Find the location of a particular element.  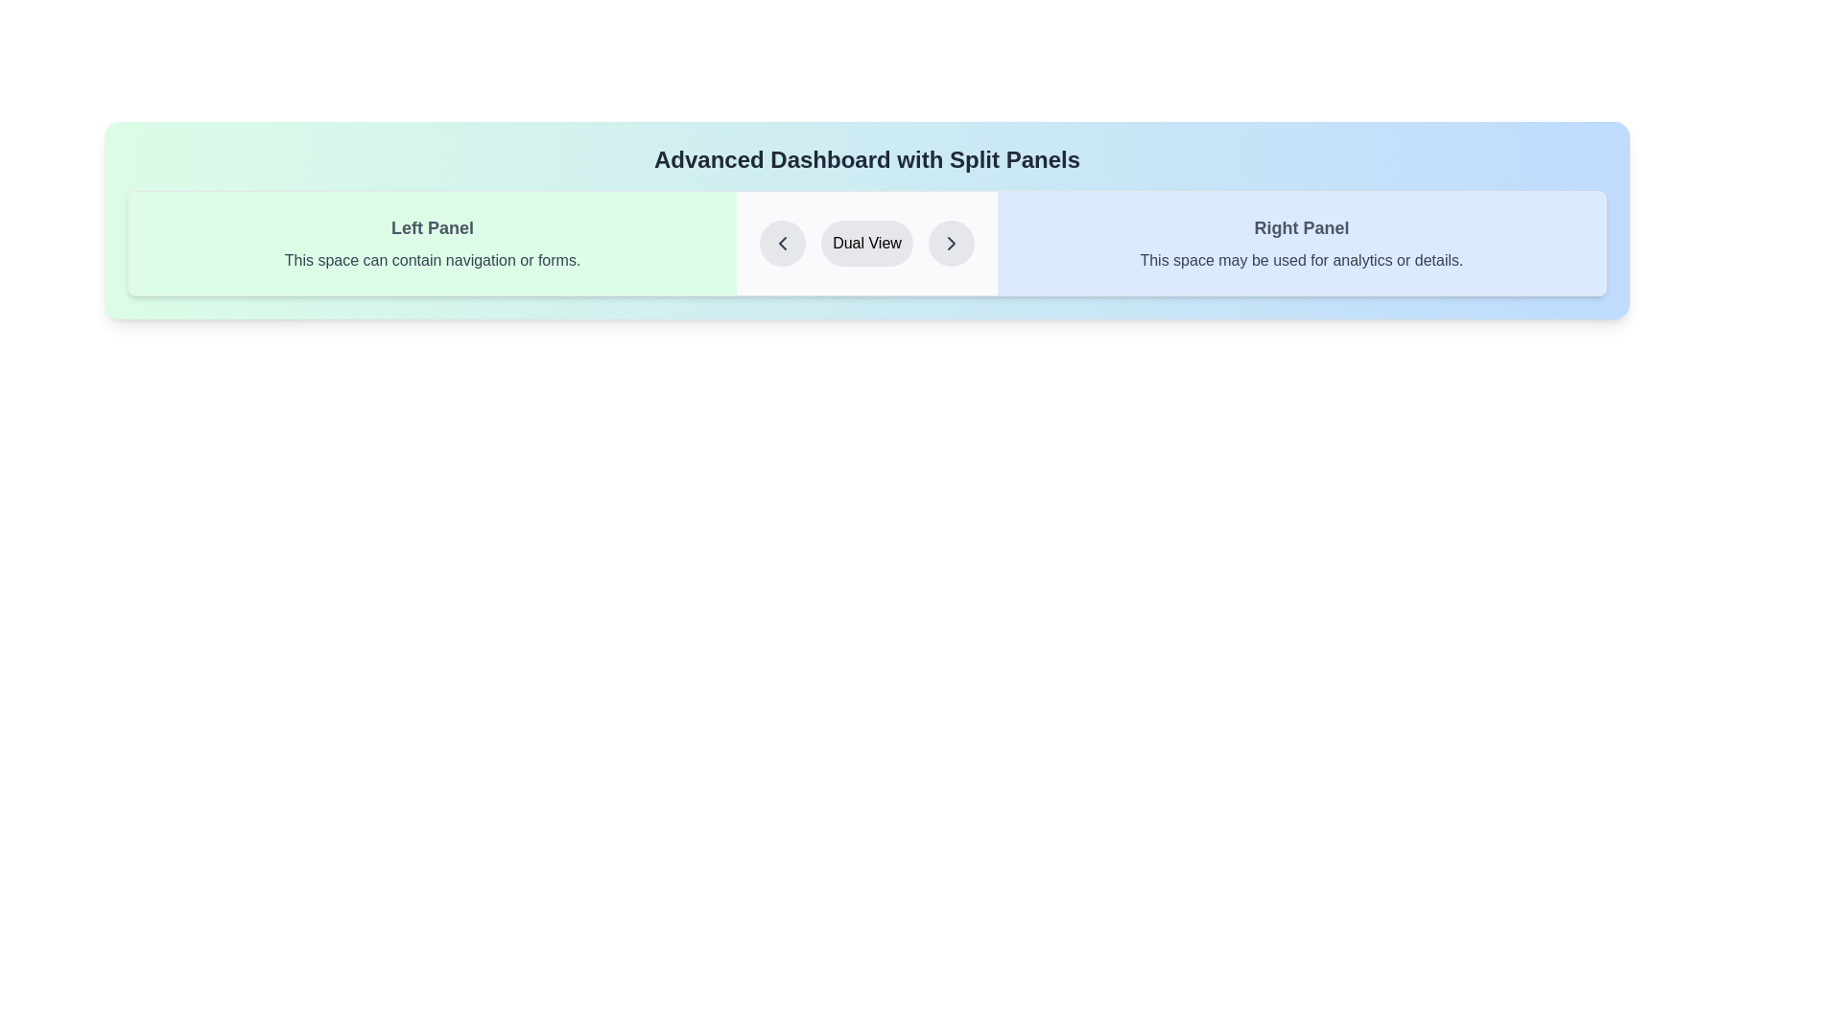

the static text element that provides descriptive information about the purpose of the left panel, located below the 'Left Panel' text in a green-shaded panel is located at coordinates (432, 261).